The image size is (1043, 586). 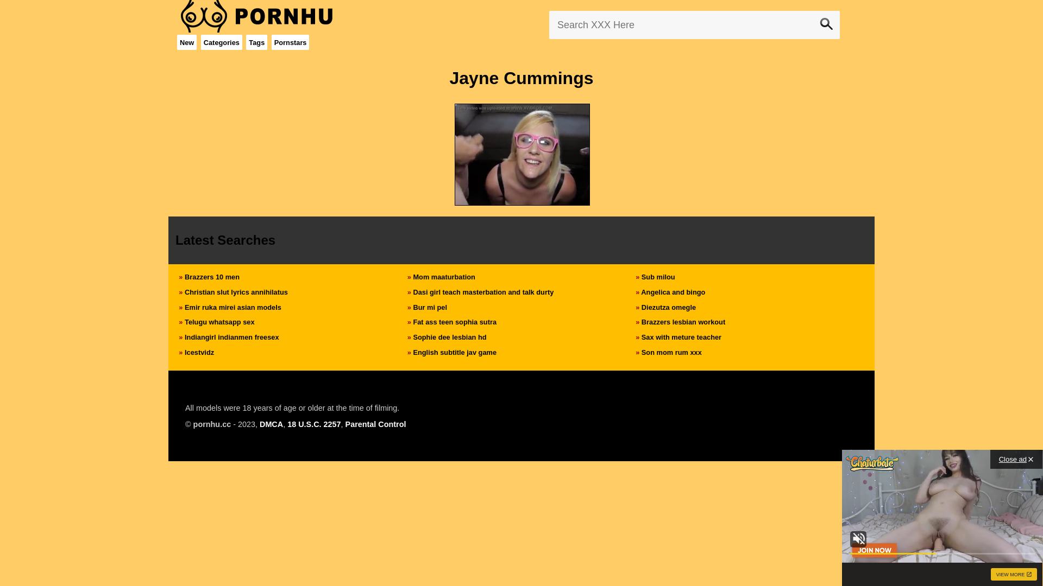 I want to click on 'pornhu.cc', so click(x=212, y=424).